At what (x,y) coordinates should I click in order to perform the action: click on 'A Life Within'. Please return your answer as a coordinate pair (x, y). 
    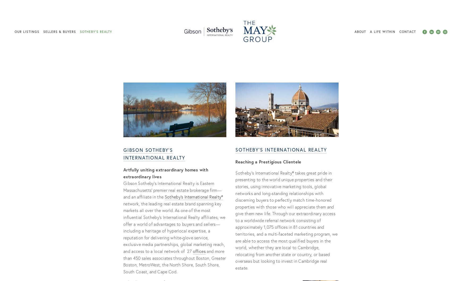
    Looking at the image, I should click on (382, 31).